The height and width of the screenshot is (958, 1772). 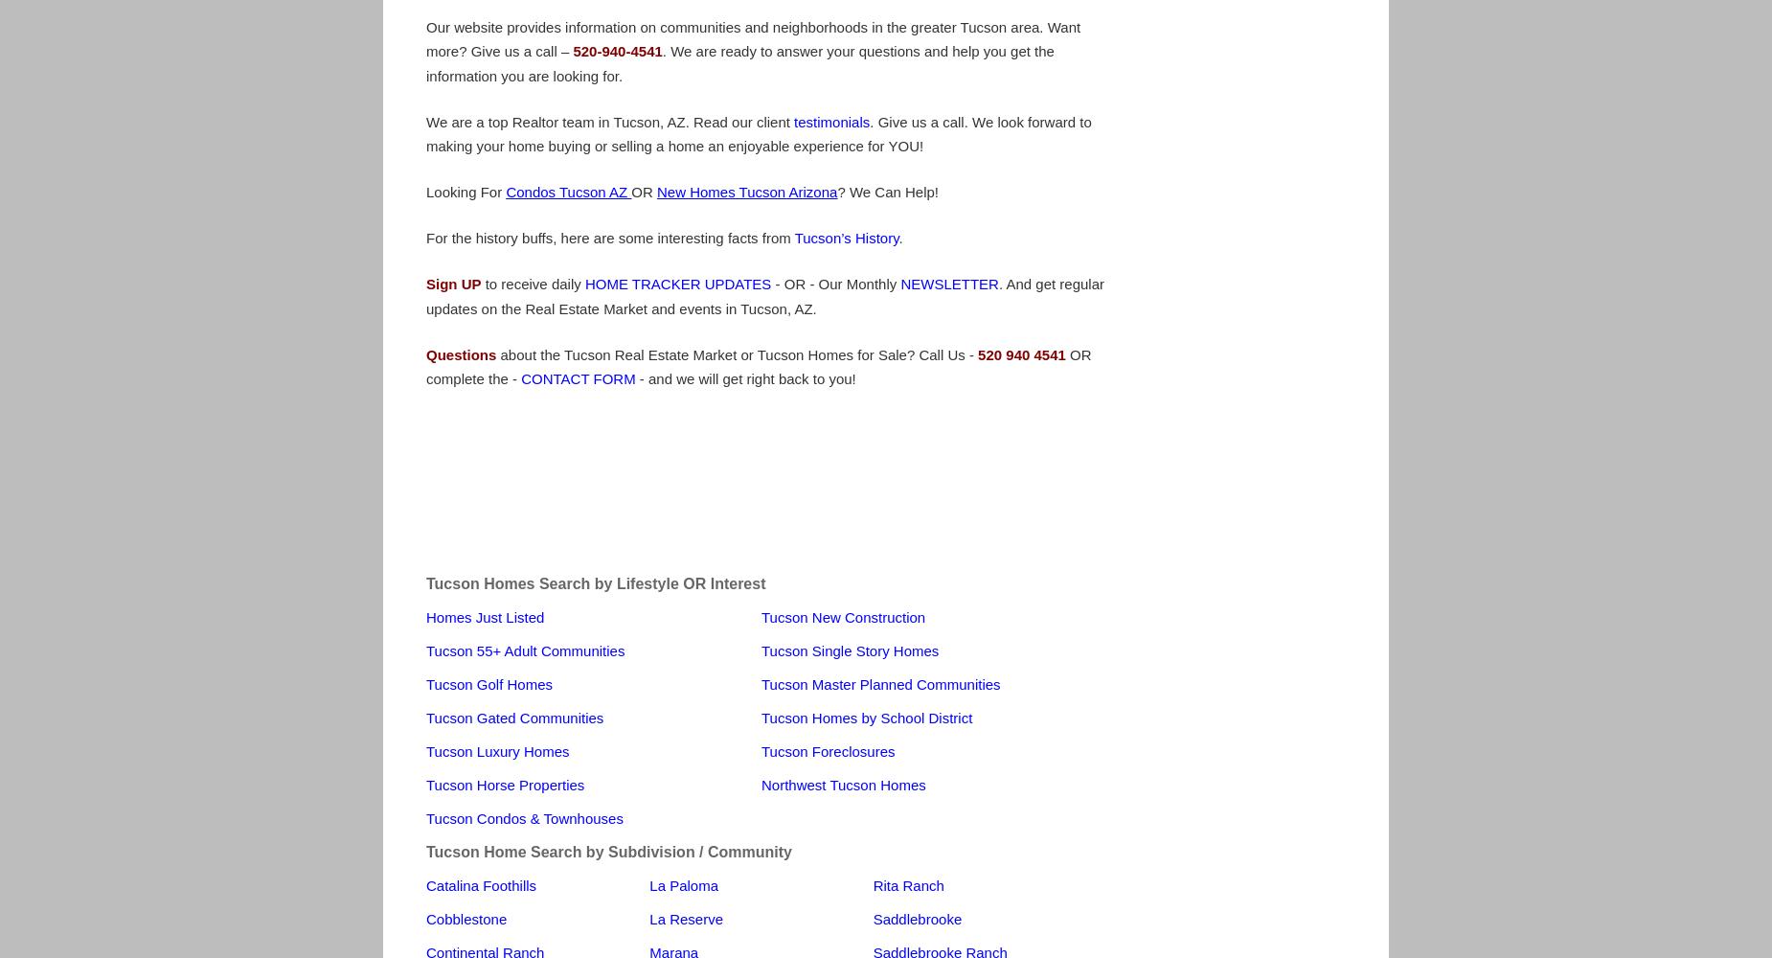 What do you see at coordinates (488, 682) in the screenshot?
I see `'Tucson Golf Homes'` at bounding box center [488, 682].